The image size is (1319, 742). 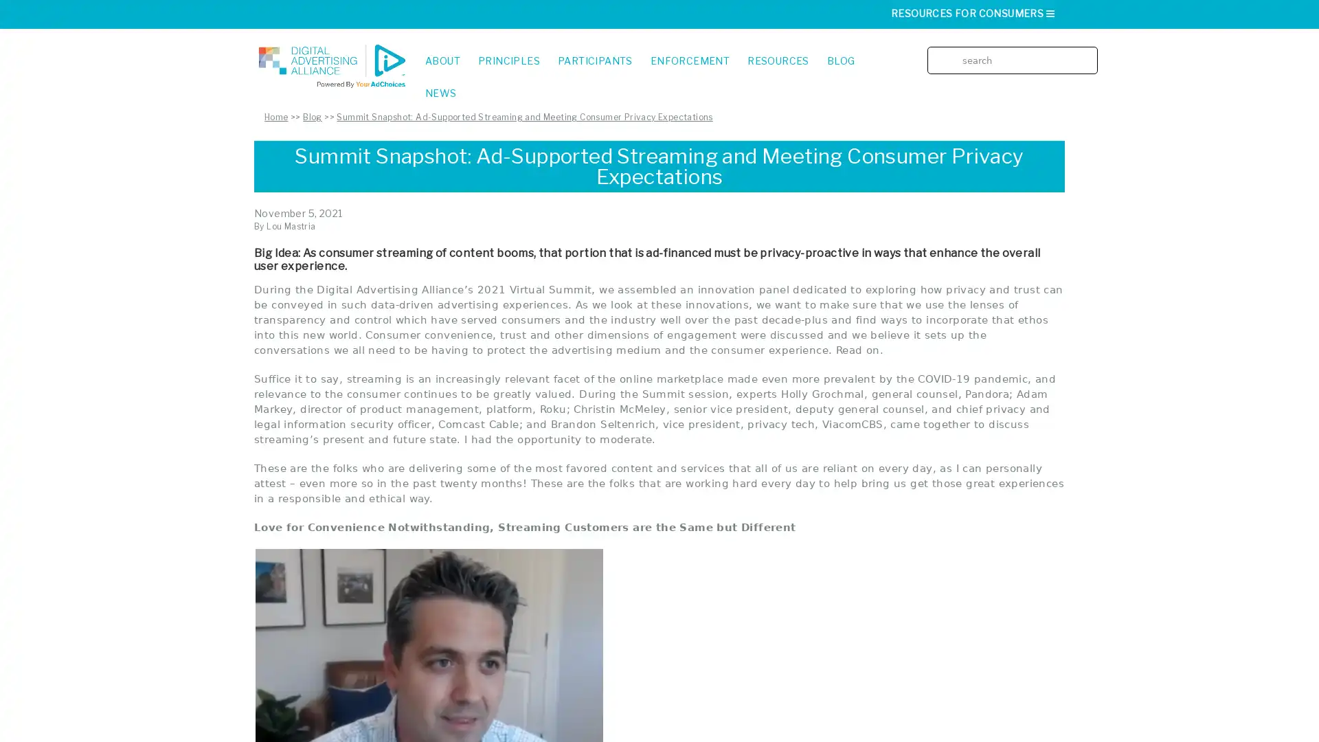 I want to click on RESOURCES FOR CONSUMERS, so click(x=973, y=13).